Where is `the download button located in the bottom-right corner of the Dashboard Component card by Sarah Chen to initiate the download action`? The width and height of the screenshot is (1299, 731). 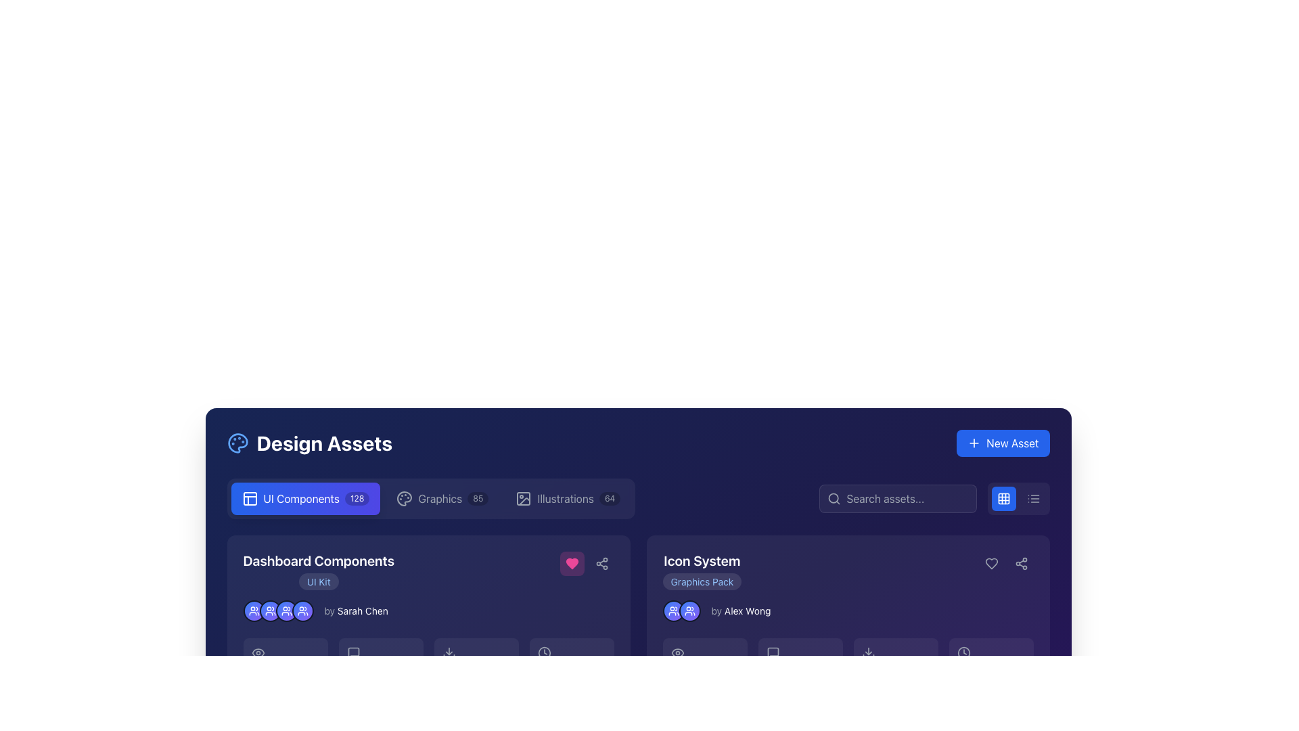 the download button located in the bottom-right corner of the Dashboard Component card by Sarah Chen to initiate the download action is located at coordinates (428, 710).